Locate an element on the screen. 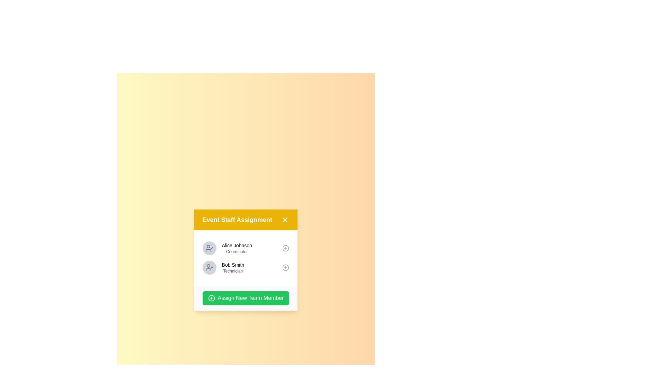 Image resolution: width=665 pixels, height=374 pixels. the 'Close' button to close the dialog is located at coordinates (285, 220).